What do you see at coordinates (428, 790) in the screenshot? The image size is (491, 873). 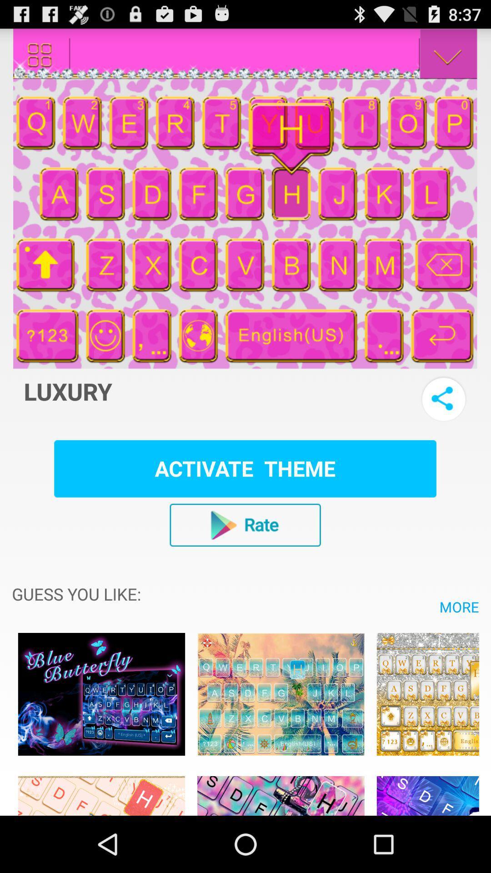 I see `switch keyboard design` at bounding box center [428, 790].